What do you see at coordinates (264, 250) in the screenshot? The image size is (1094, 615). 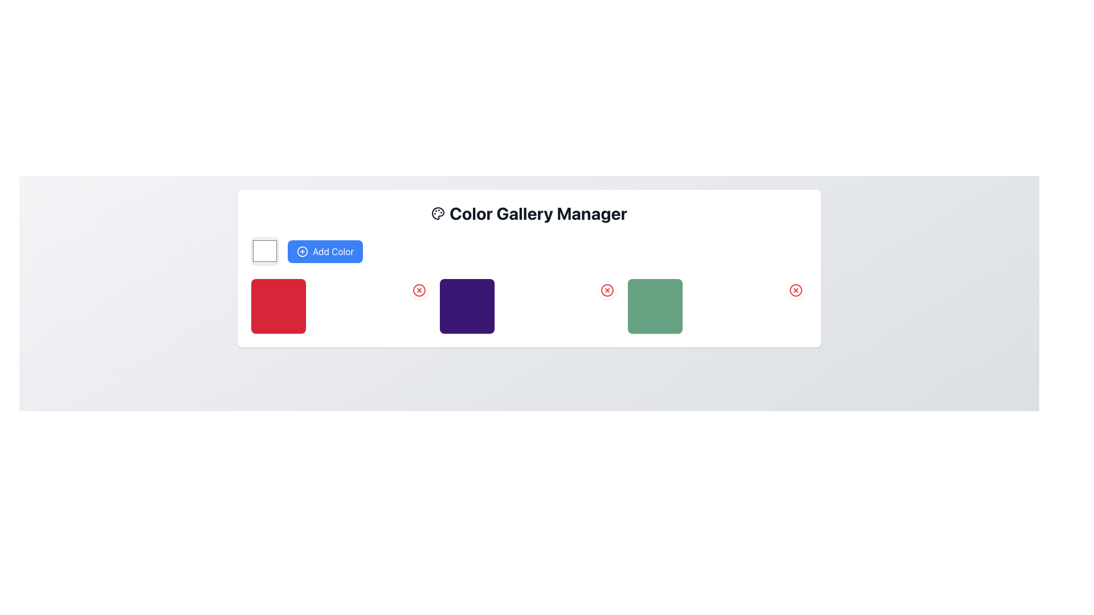 I see `the Color Picker located in the top-left corner of the primary content area` at bounding box center [264, 250].